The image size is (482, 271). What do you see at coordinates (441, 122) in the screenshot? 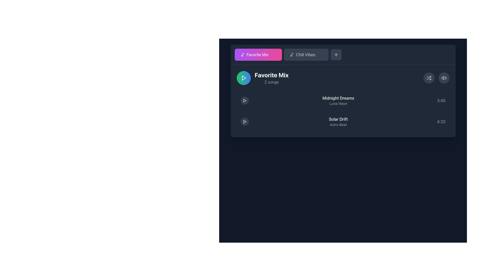
I see `the text label displaying '4:20' in light gray color, located at the bottom-right corner of the track entry for 'Solar Drift' by 'Astro Beat'` at bounding box center [441, 122].